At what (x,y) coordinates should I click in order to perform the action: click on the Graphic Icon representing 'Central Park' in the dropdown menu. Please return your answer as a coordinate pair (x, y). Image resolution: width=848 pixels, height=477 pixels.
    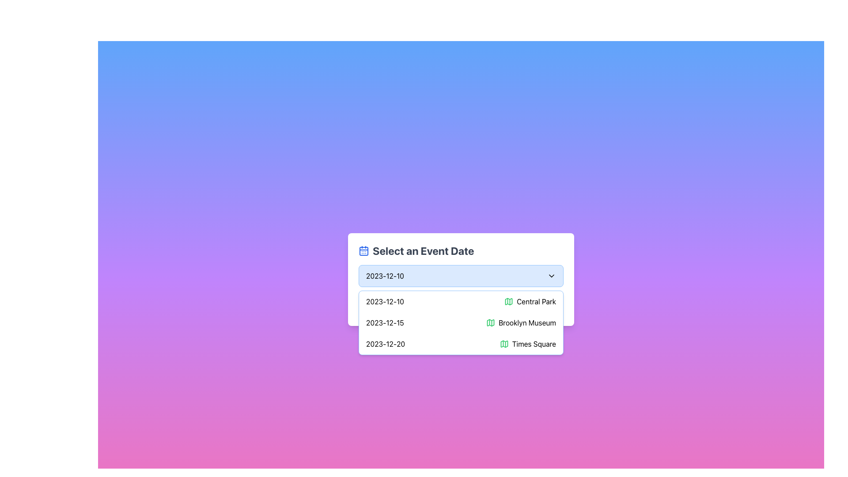
    Looking at the image, I should click on (504, 344).